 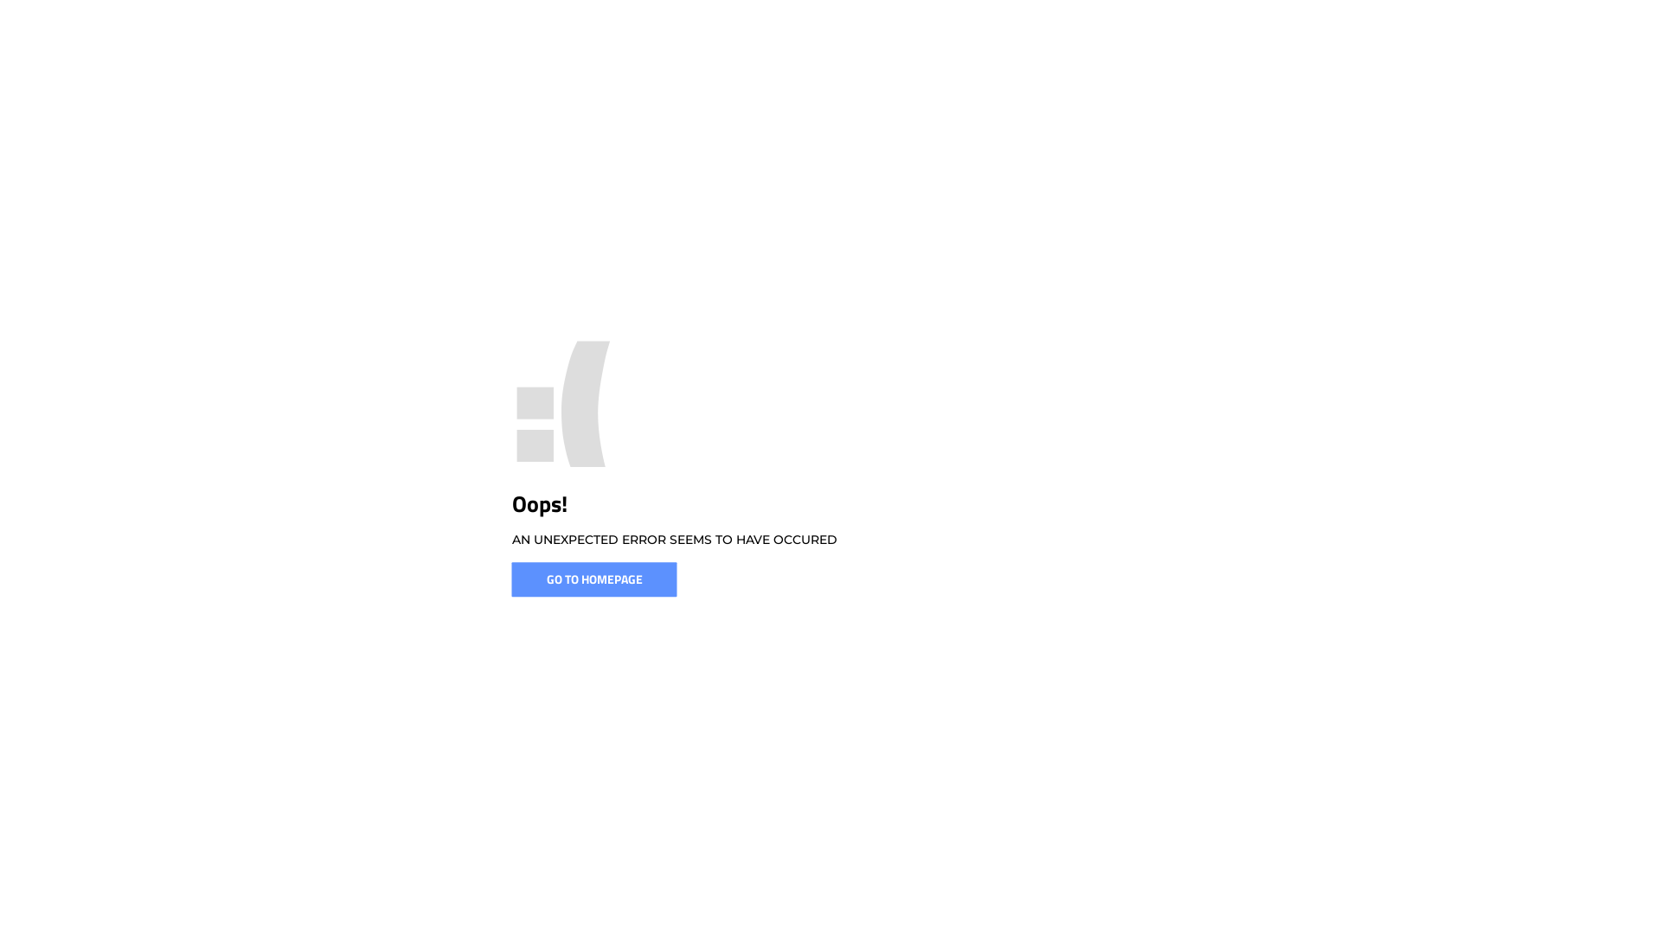 I want to click on 'GO TO HOMEPAGE', so click(x=510, y=579).